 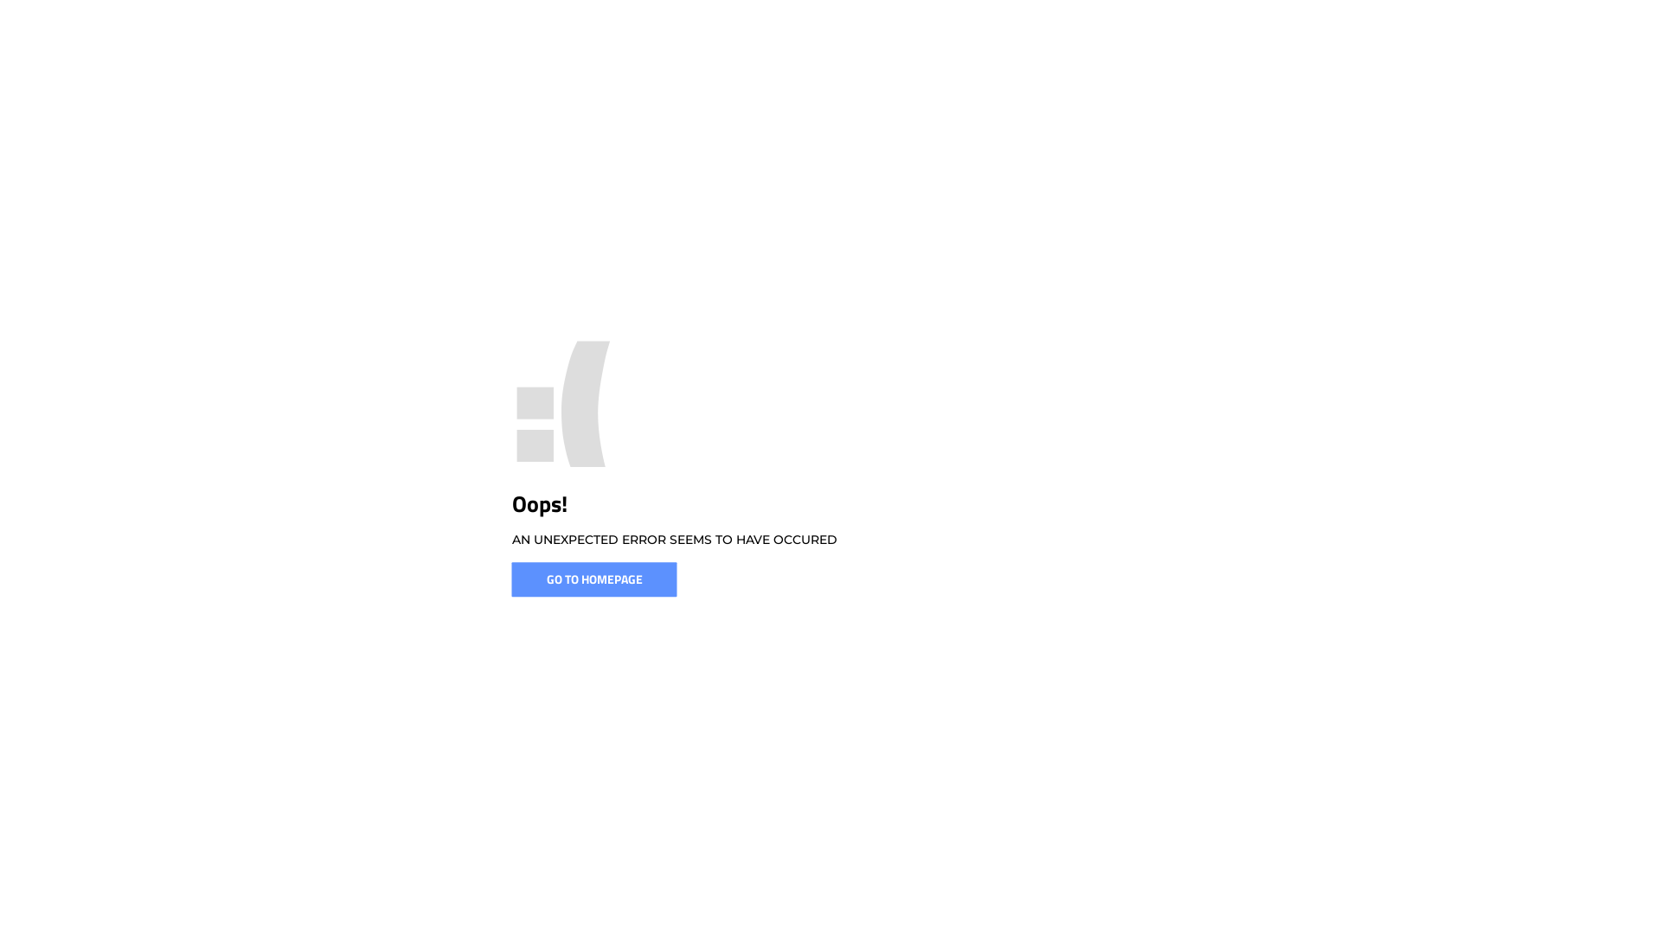 I want to click on 'GO TO HOMEPAGE', so click(x=510, y=579).